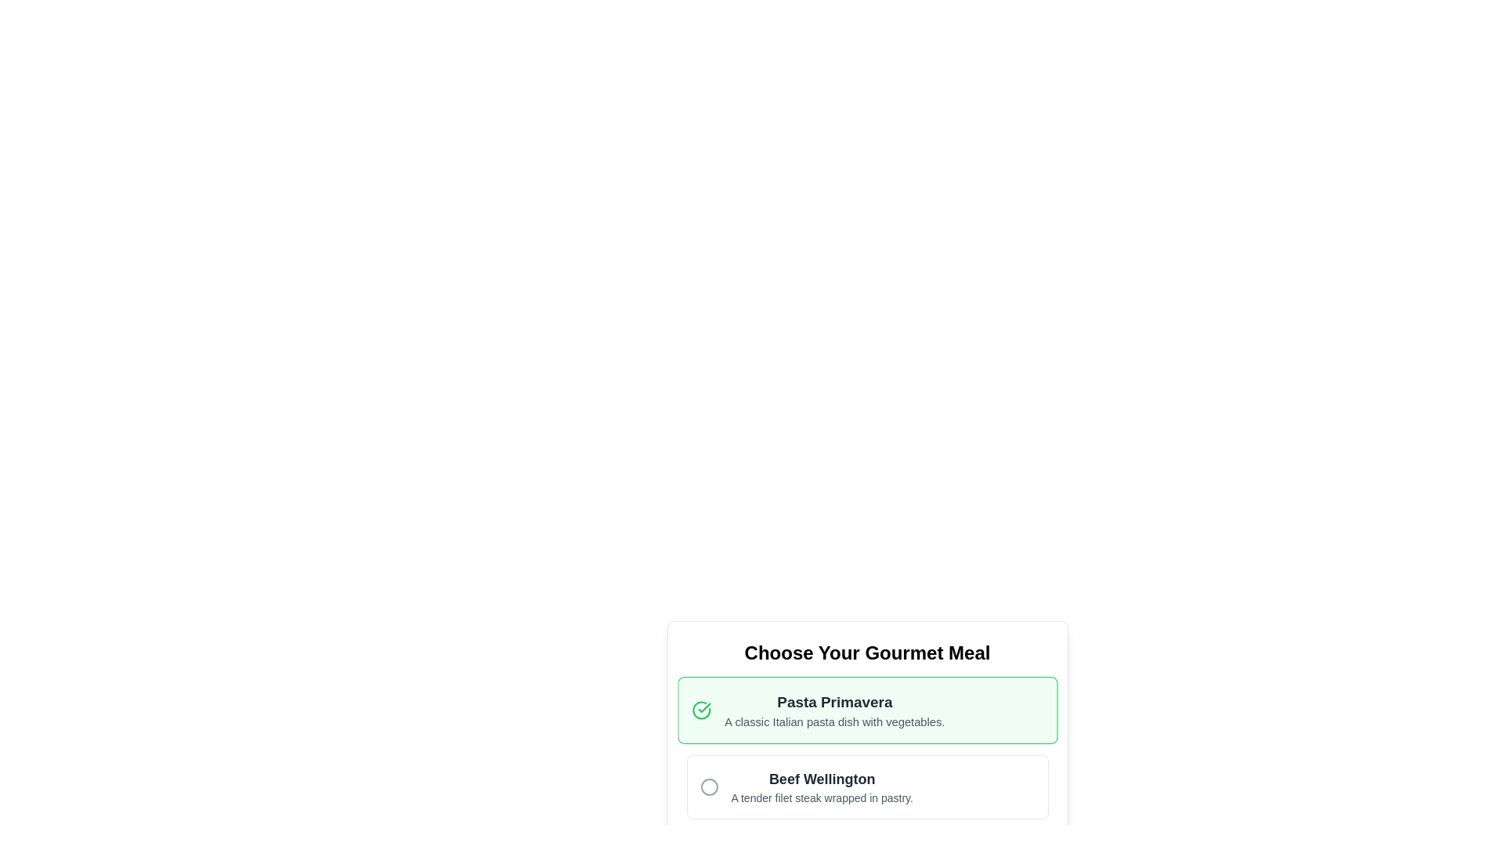 The height and width of the screenshot is (846, 1504). I want to click on information displayed in the text block titled 'Beef Wellington' which includes its description 'A tender filet steak wrapped in pastry.', so click(821, 787).